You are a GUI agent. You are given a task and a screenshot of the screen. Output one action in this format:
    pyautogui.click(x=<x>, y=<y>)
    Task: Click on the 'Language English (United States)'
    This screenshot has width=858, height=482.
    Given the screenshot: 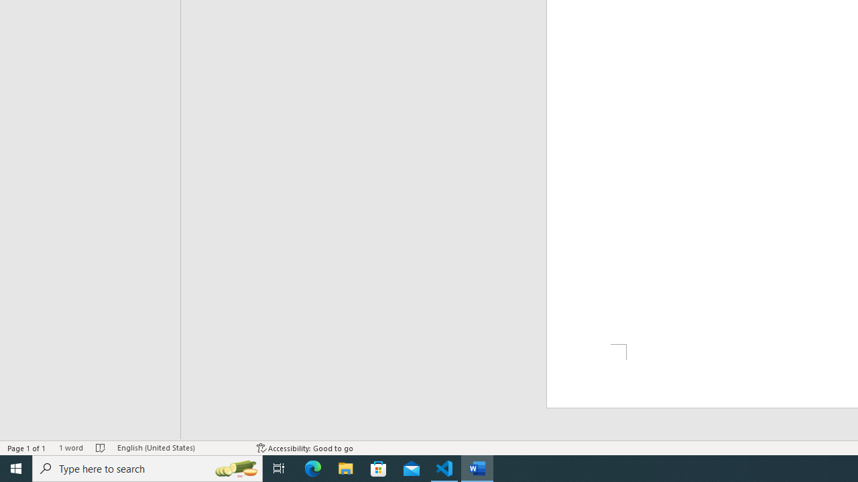 What is the action you would take?
    pyautogui.click(x=180, y=448)
    